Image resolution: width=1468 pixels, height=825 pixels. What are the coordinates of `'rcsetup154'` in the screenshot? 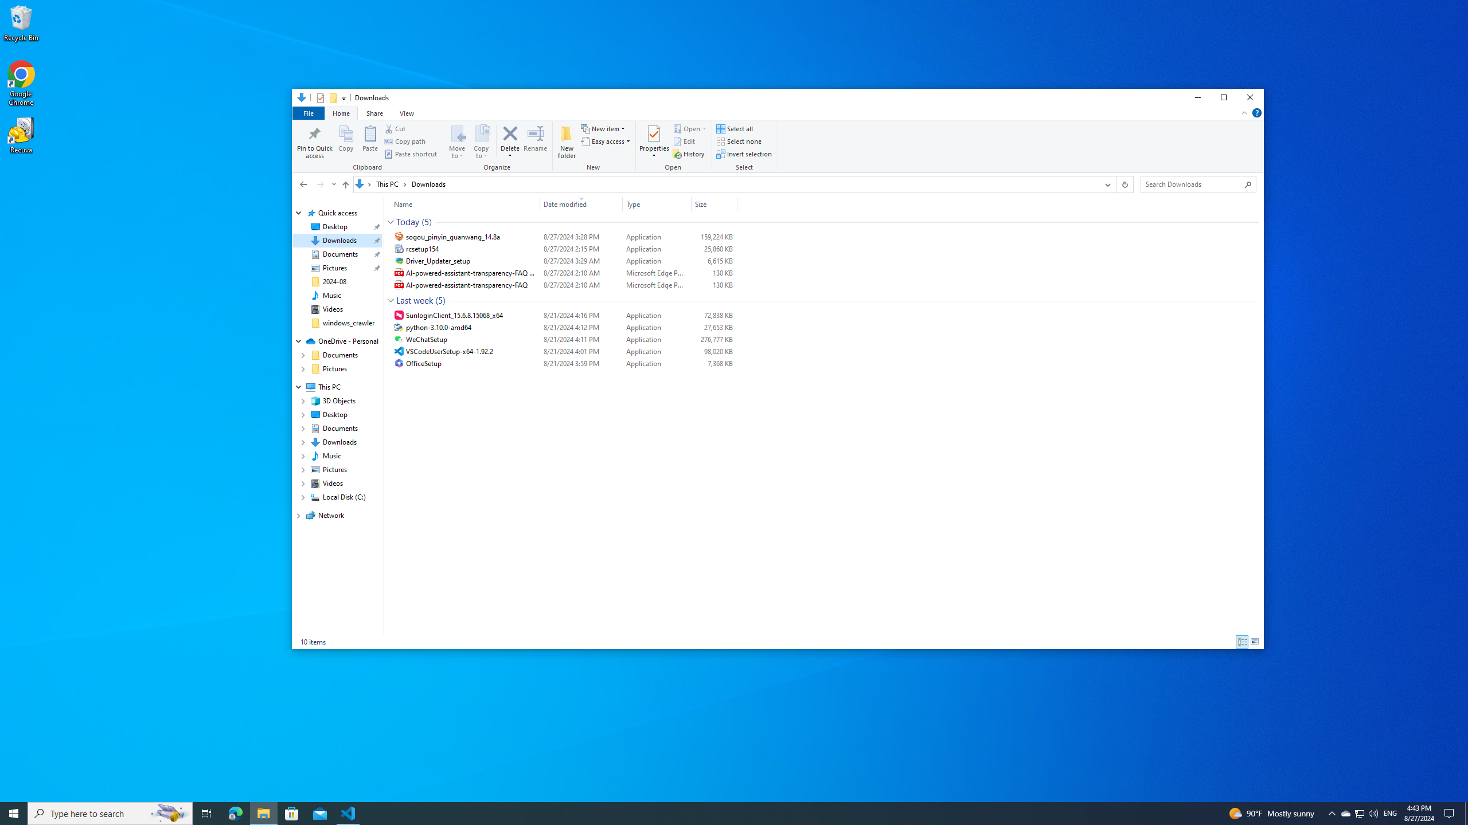 It's located at (563, 248).